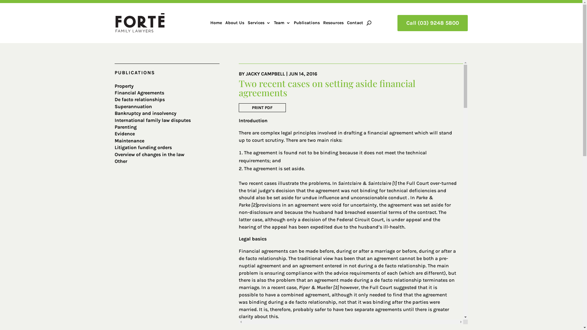 Image resolution: width=587 pixels, height=330 pixels. What do you see at coordinates (234, 24) in the screenshot?
I see `'About Us'` at bounding box center [234, 24].